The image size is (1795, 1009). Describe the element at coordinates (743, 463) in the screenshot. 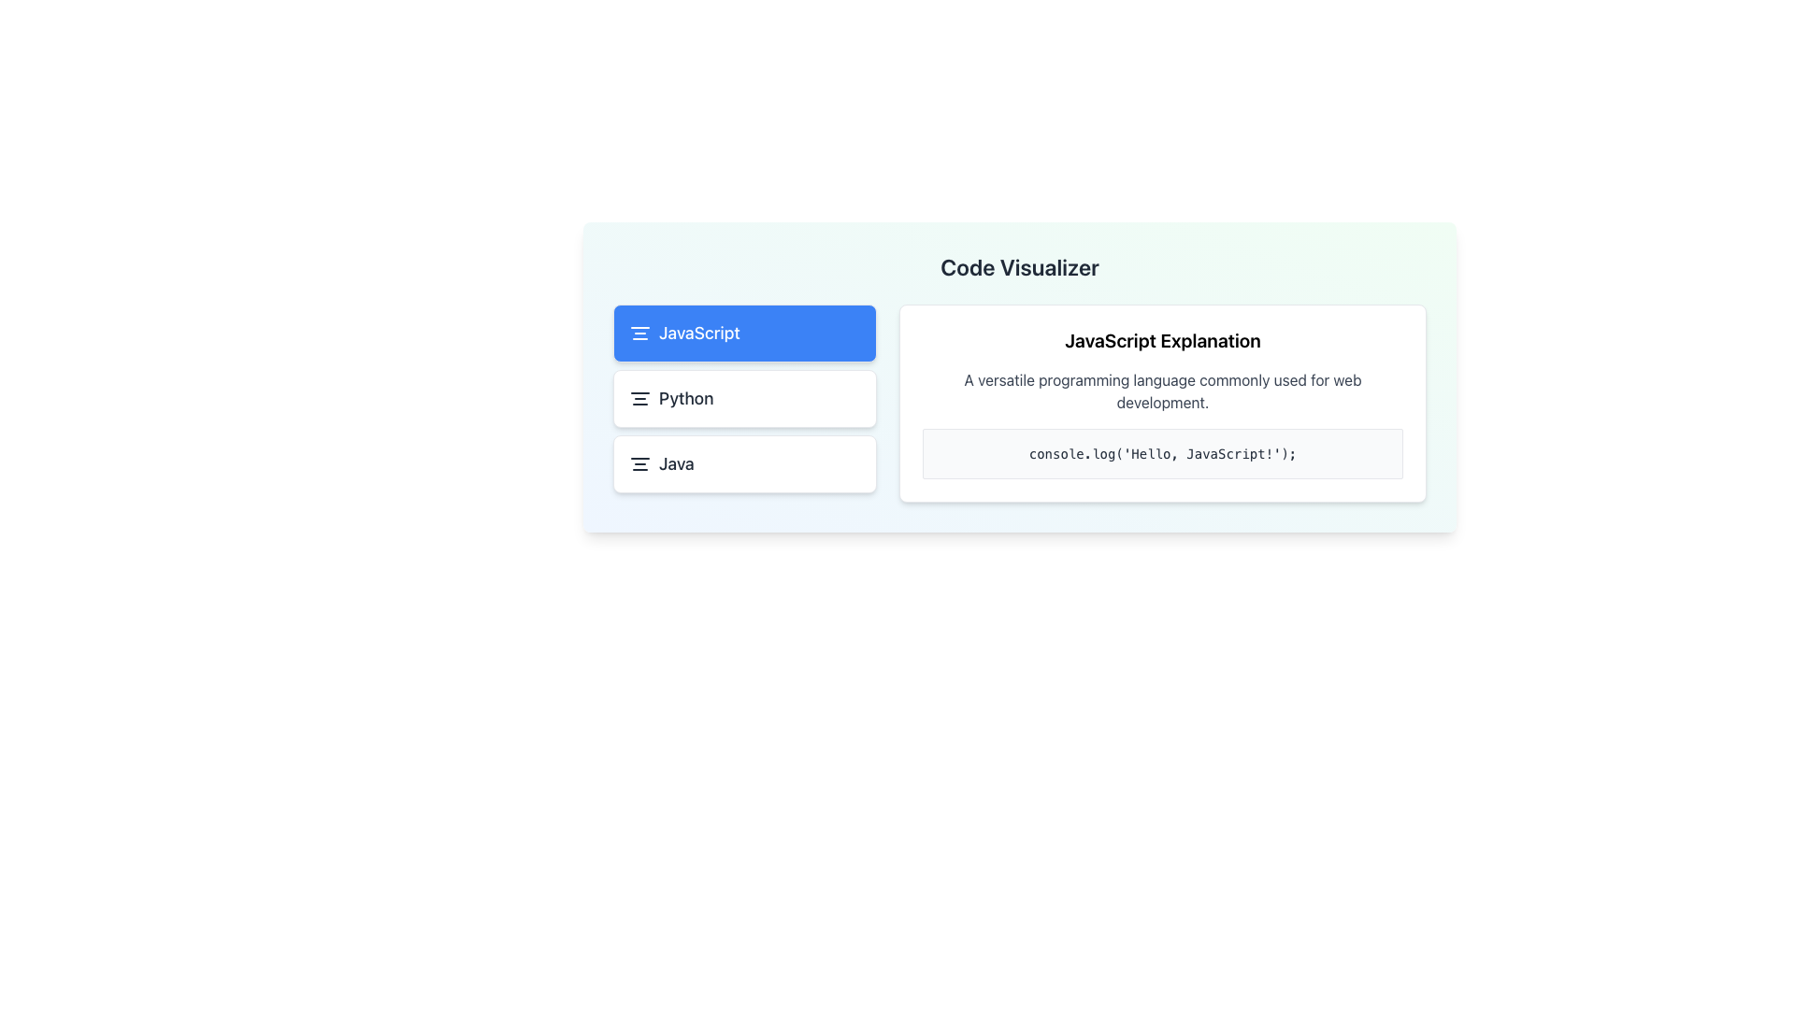

I see `the button that selects the 'Java' programming language option, which is the third item in a vertical list of programming languages` at that location.